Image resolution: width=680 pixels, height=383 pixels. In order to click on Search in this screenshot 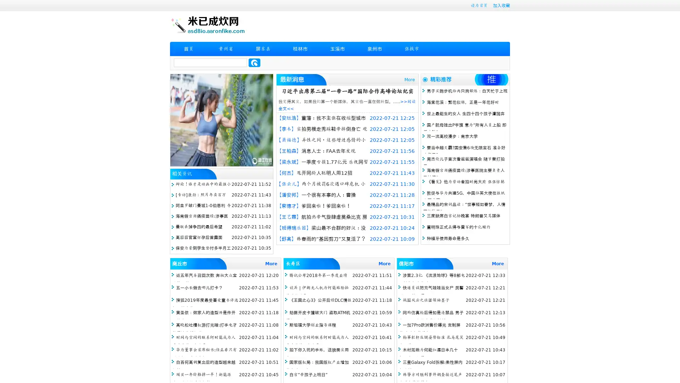, I will do `click(254, 62)`.